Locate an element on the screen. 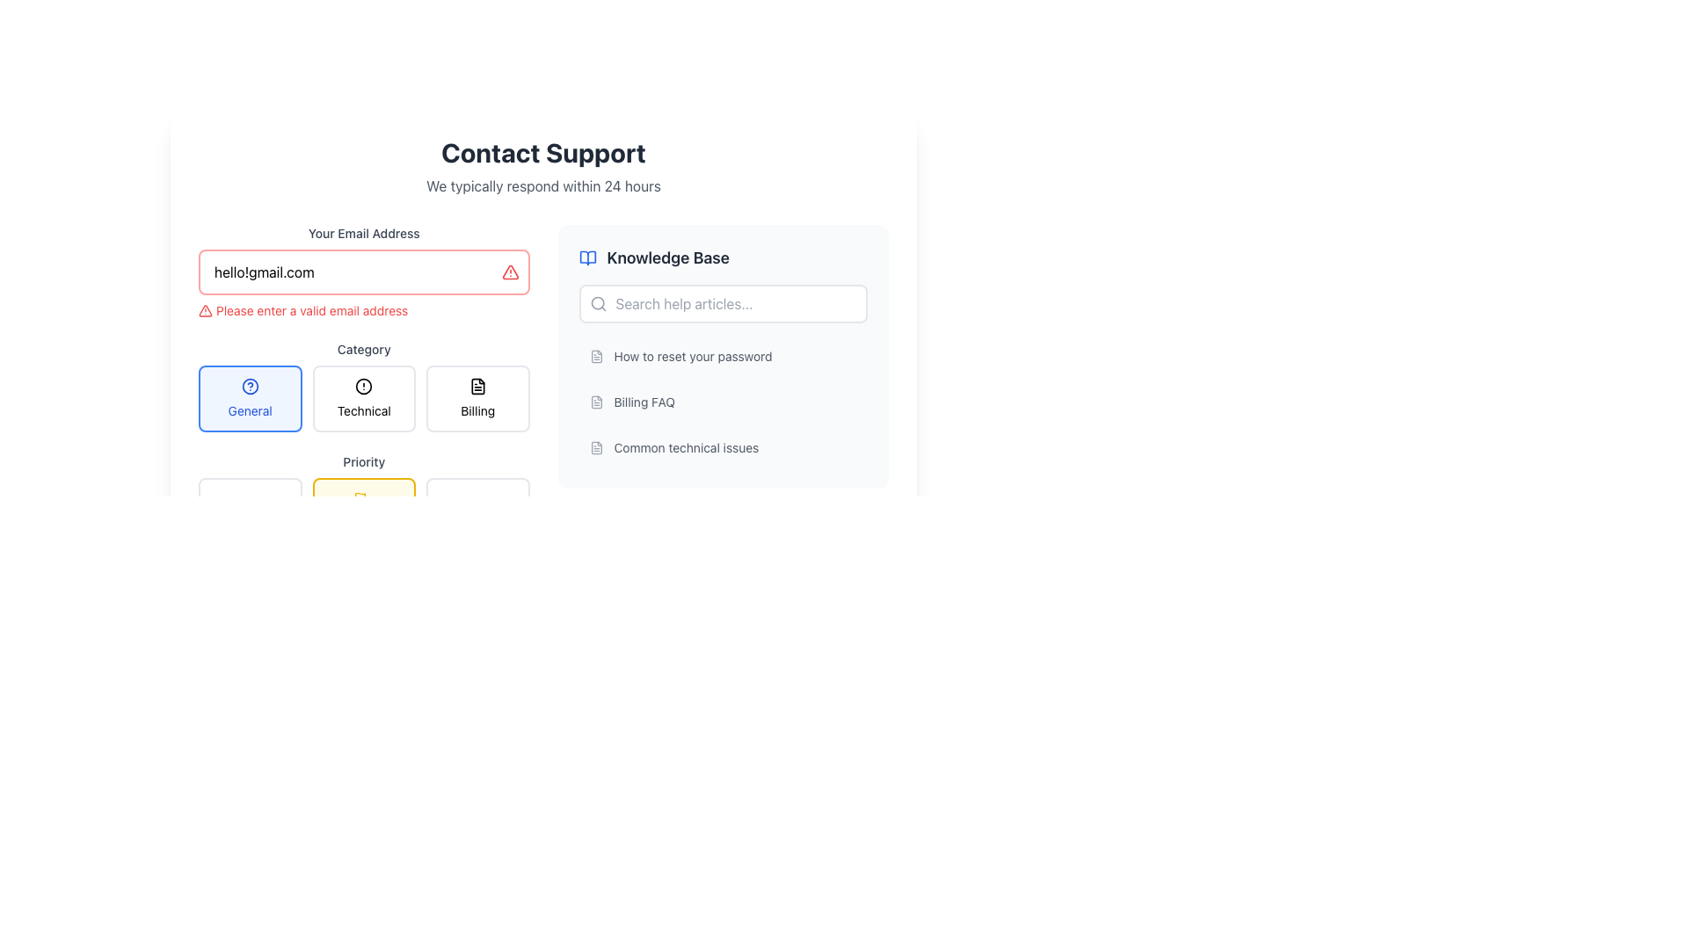 This screenshot has width=1688, height=949. the button-like selectable list item labeled 'Common technical issues' is located at coordinates (723, 446).